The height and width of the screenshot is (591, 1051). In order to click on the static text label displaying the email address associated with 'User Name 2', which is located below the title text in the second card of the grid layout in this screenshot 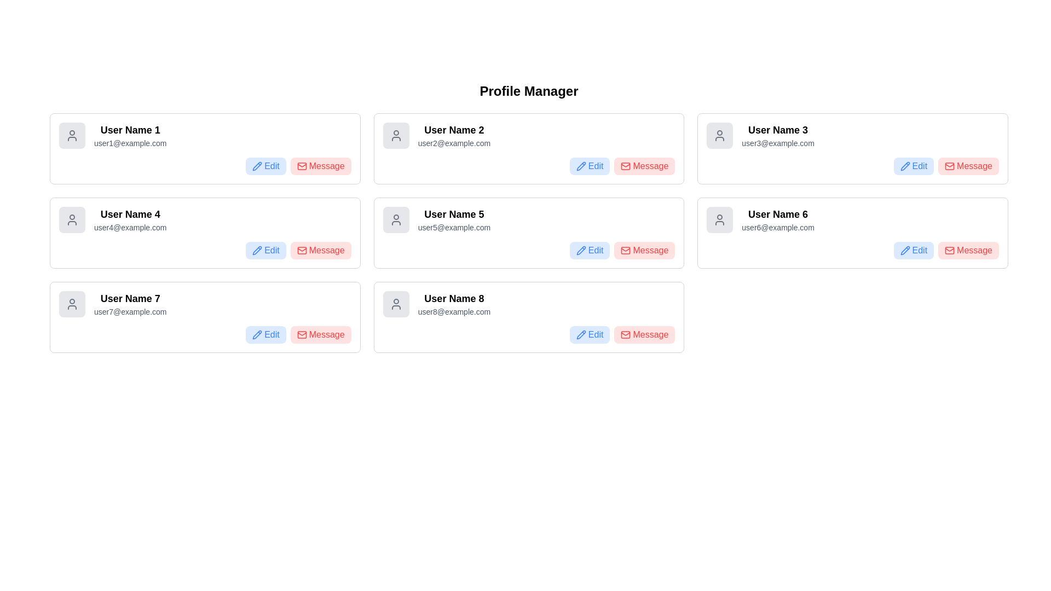, I will do `click(454, 143)`.